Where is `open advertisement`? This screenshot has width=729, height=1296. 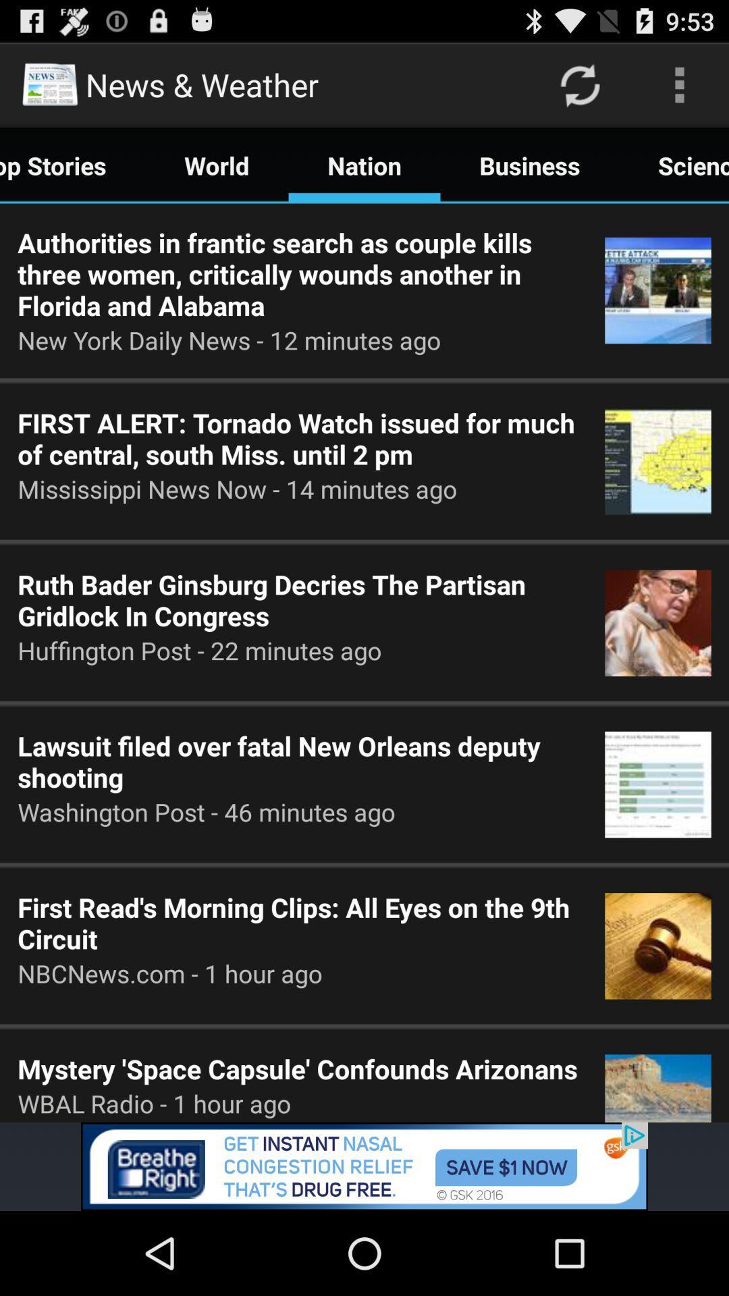 open advertisement is located at coordinates (364, 1166).